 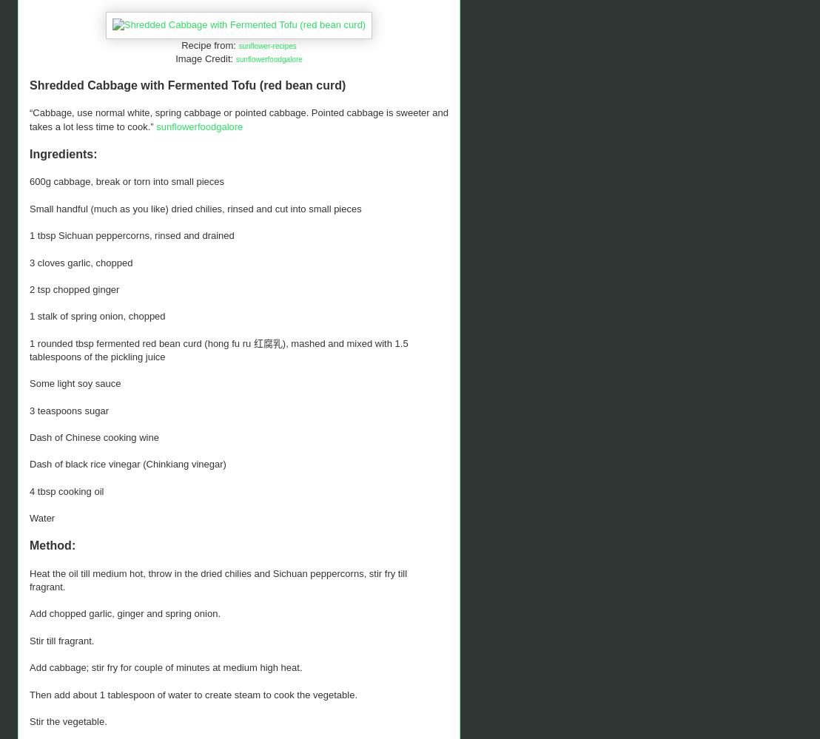 I want to click on '3 cloves garlic, chopped', so click(x=81, y=262).